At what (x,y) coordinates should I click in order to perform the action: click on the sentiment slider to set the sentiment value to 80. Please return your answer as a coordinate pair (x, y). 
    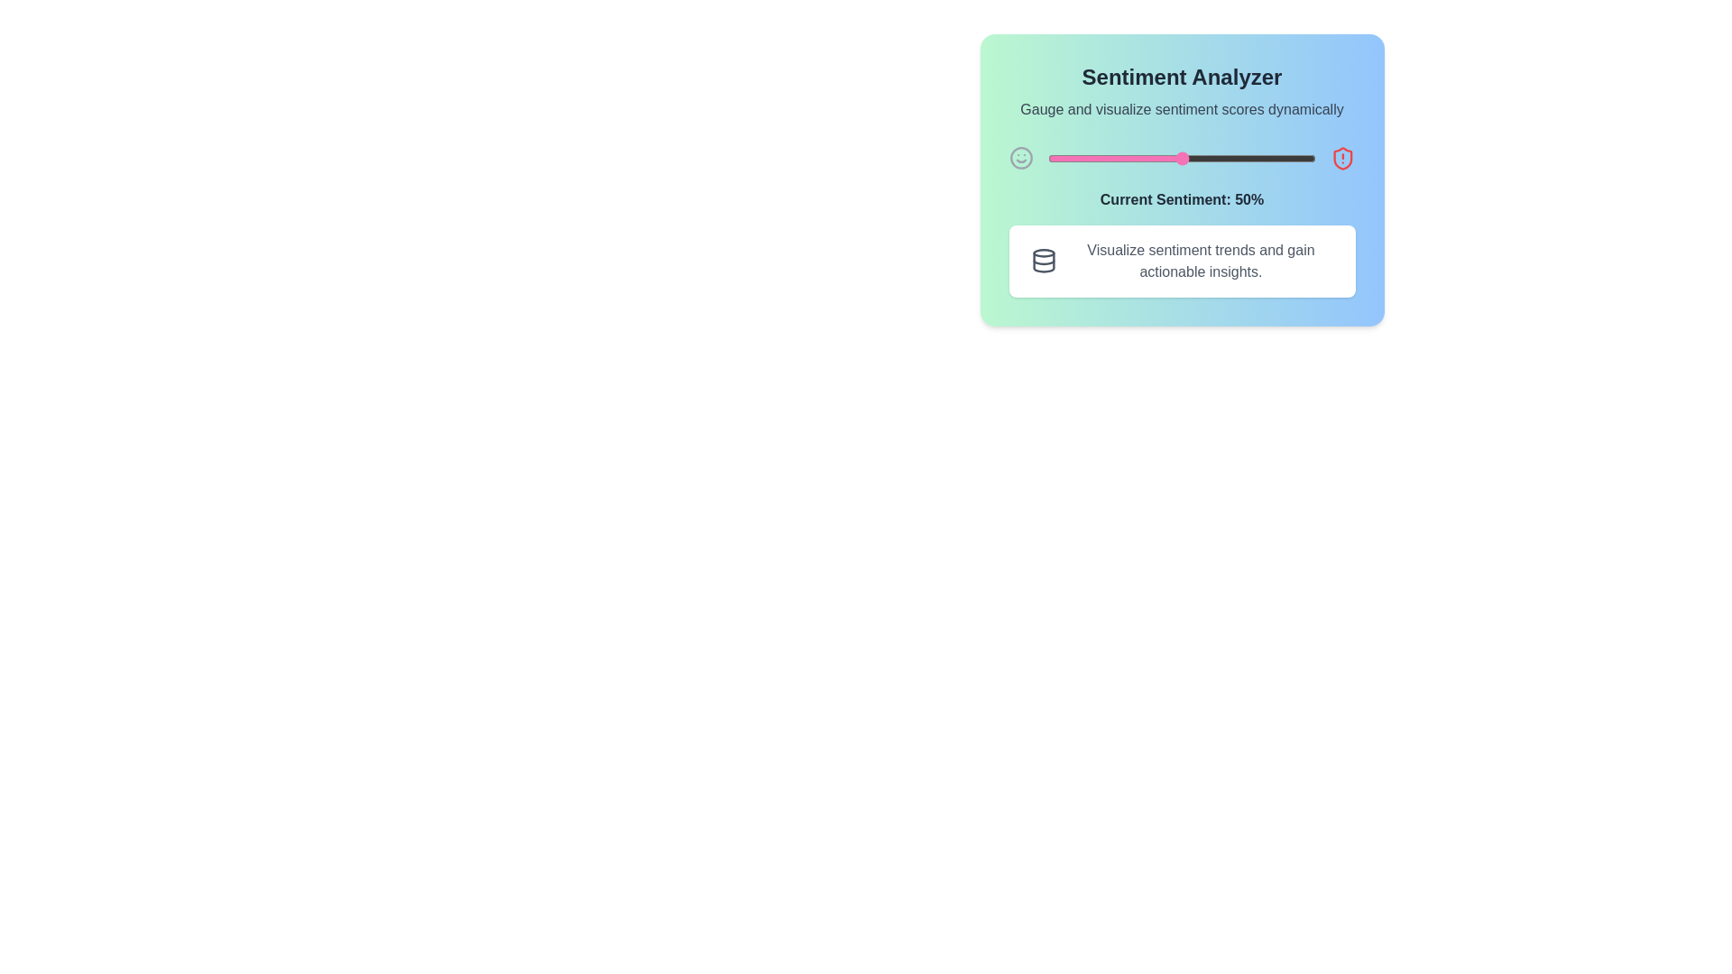
    Looking at the image, I should click on (1261, 158).